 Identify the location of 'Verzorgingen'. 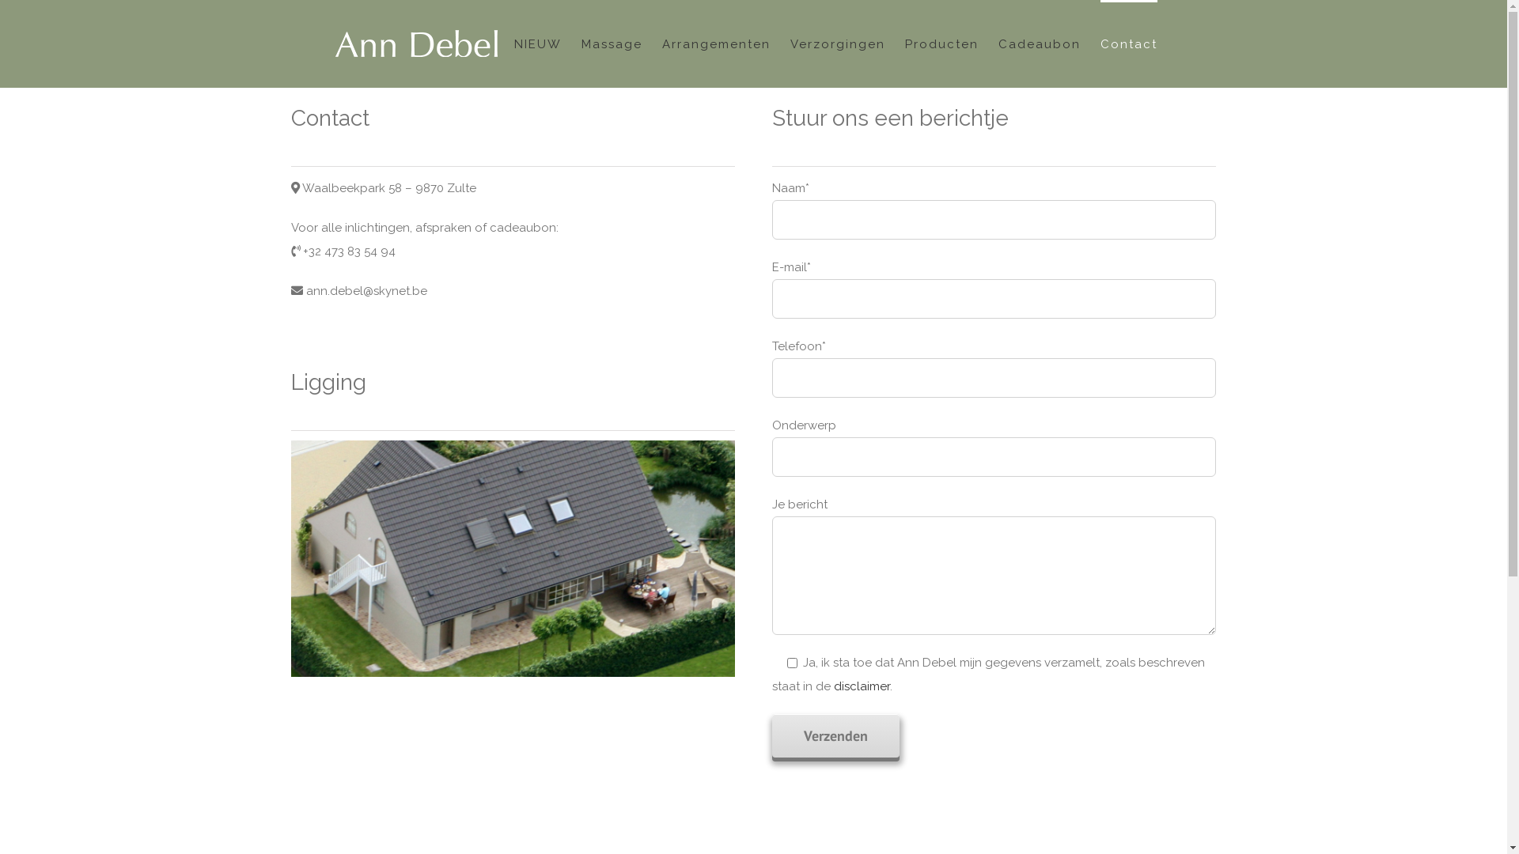
(835, 42).